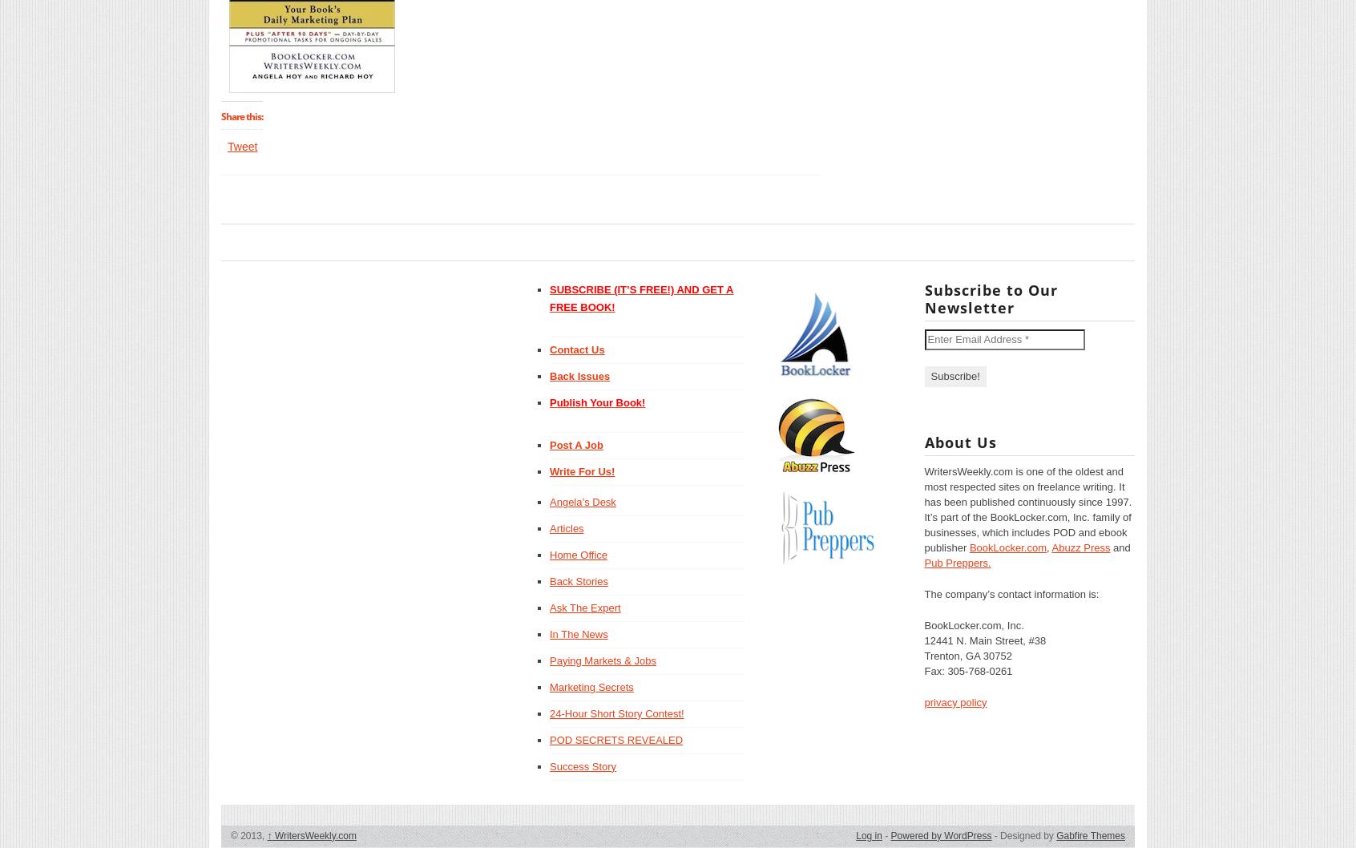 This screenshot has height=848, width=1356. What do you see at coordinates (549, 349) in the screenshot?
I see `'Contact Us'` at bounding box center [549, 349].